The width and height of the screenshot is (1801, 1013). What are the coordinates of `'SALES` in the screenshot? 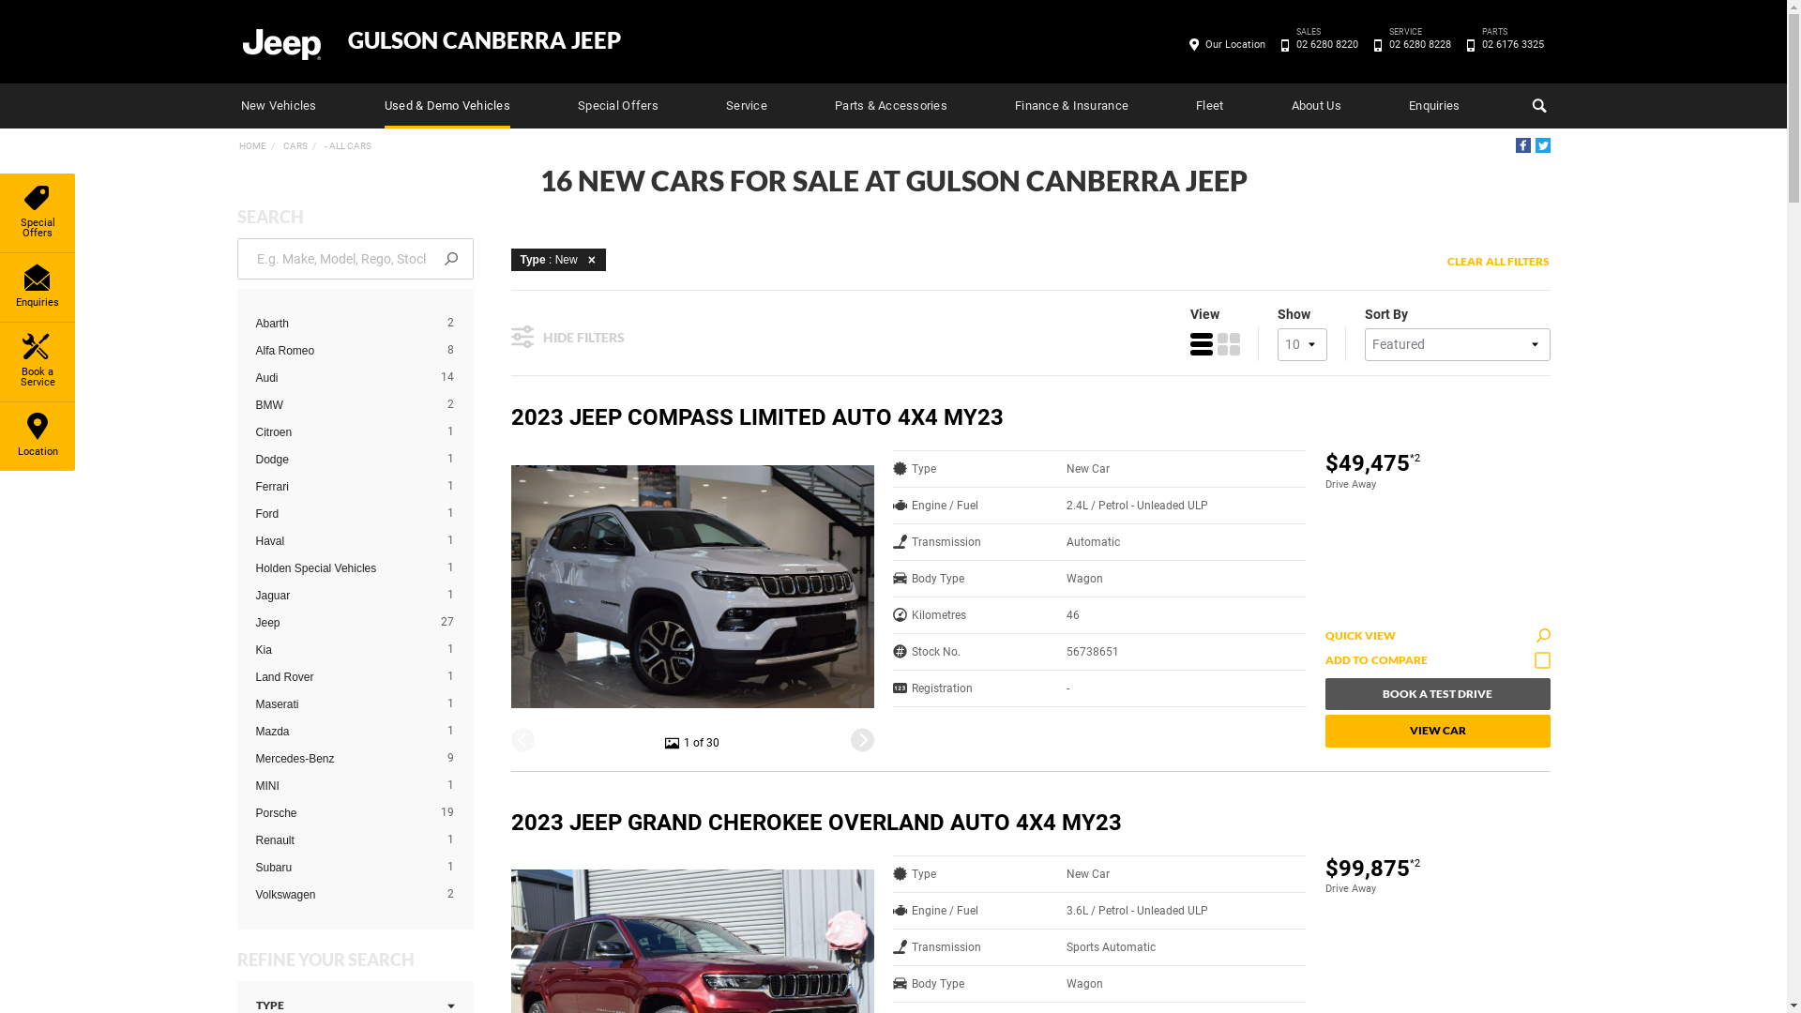 It's located at (1287, 43).